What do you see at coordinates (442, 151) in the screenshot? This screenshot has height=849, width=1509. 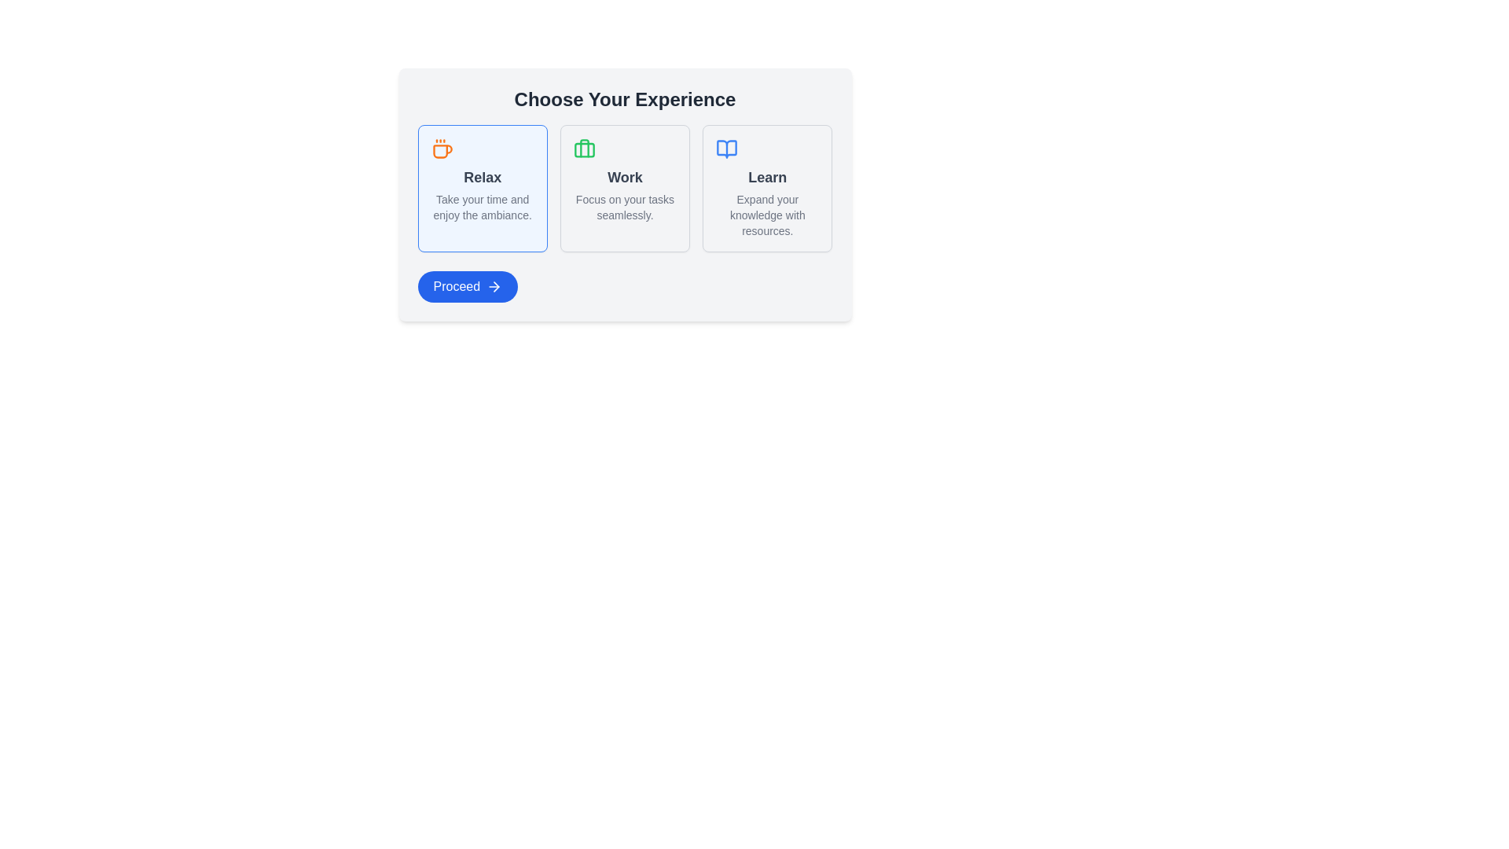 I see `the relaxation icon located in the top left box labeled 'Relax' in the 'Choose Your Experience' section, which serves as an indicator for leisure activities` at bounding box center [442, 151].